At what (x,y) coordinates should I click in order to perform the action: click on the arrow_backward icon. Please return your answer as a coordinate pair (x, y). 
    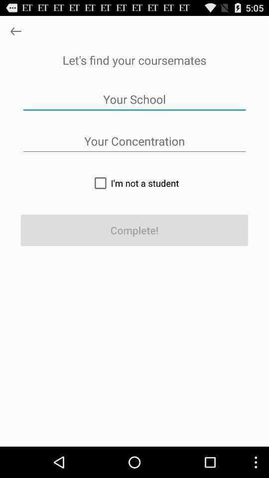
    Looking at the image, I should click on (15, 33).